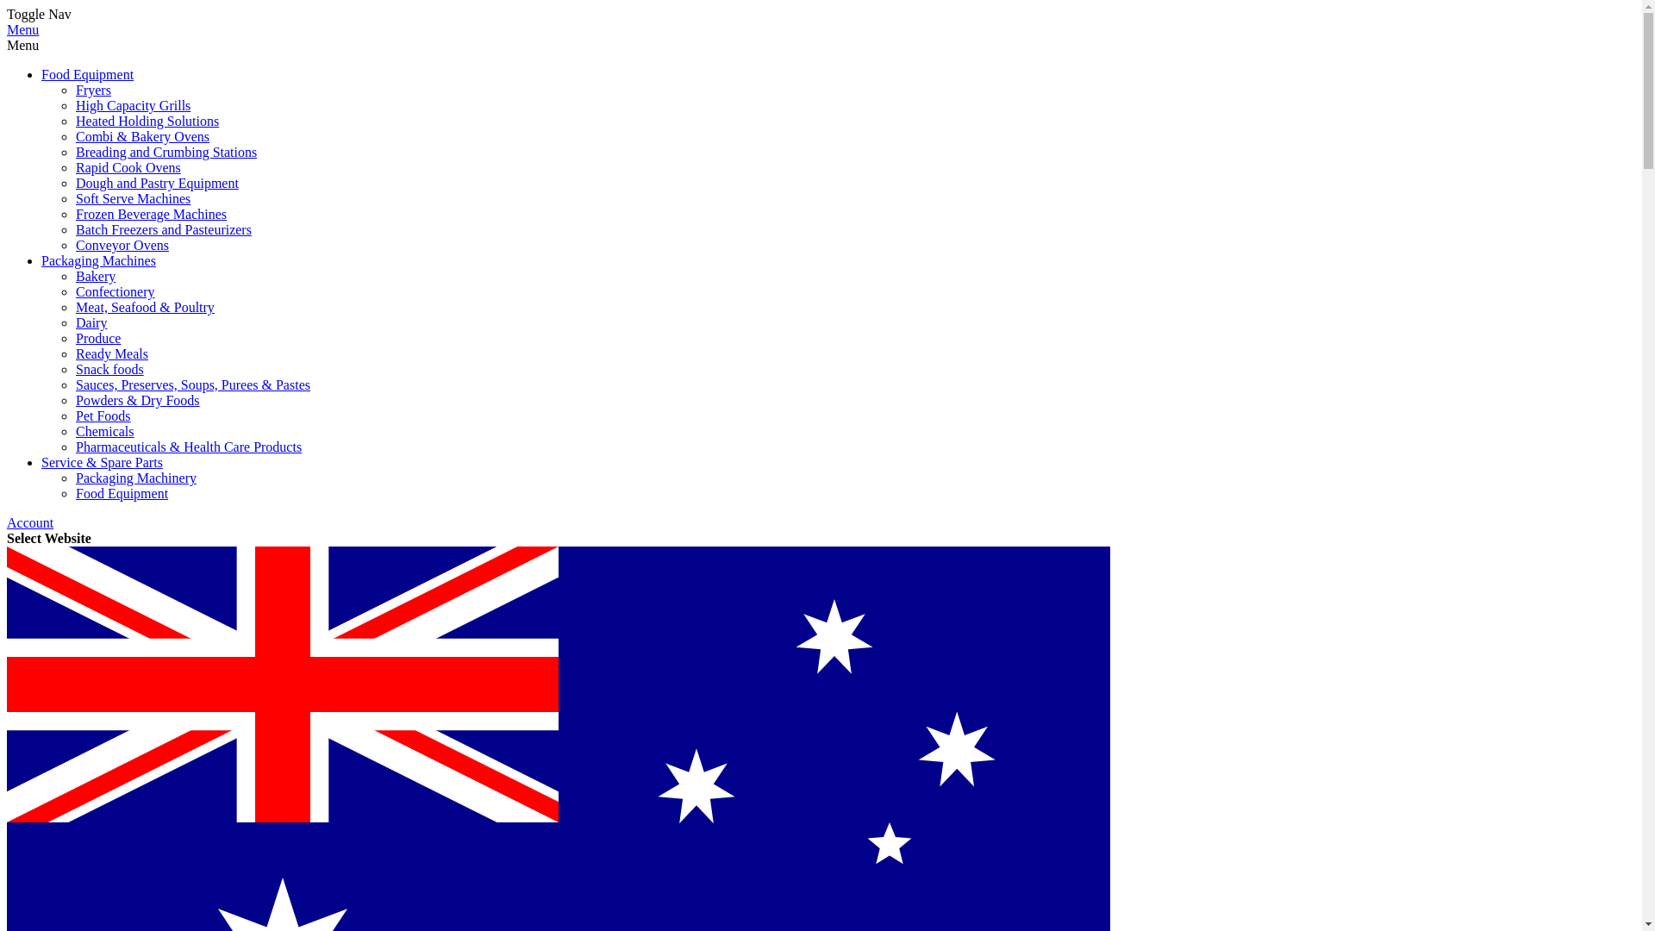  Describe the element at coordinates (122, 245) in the screenshot. I see `'Conveyor Ovens'` at that location.